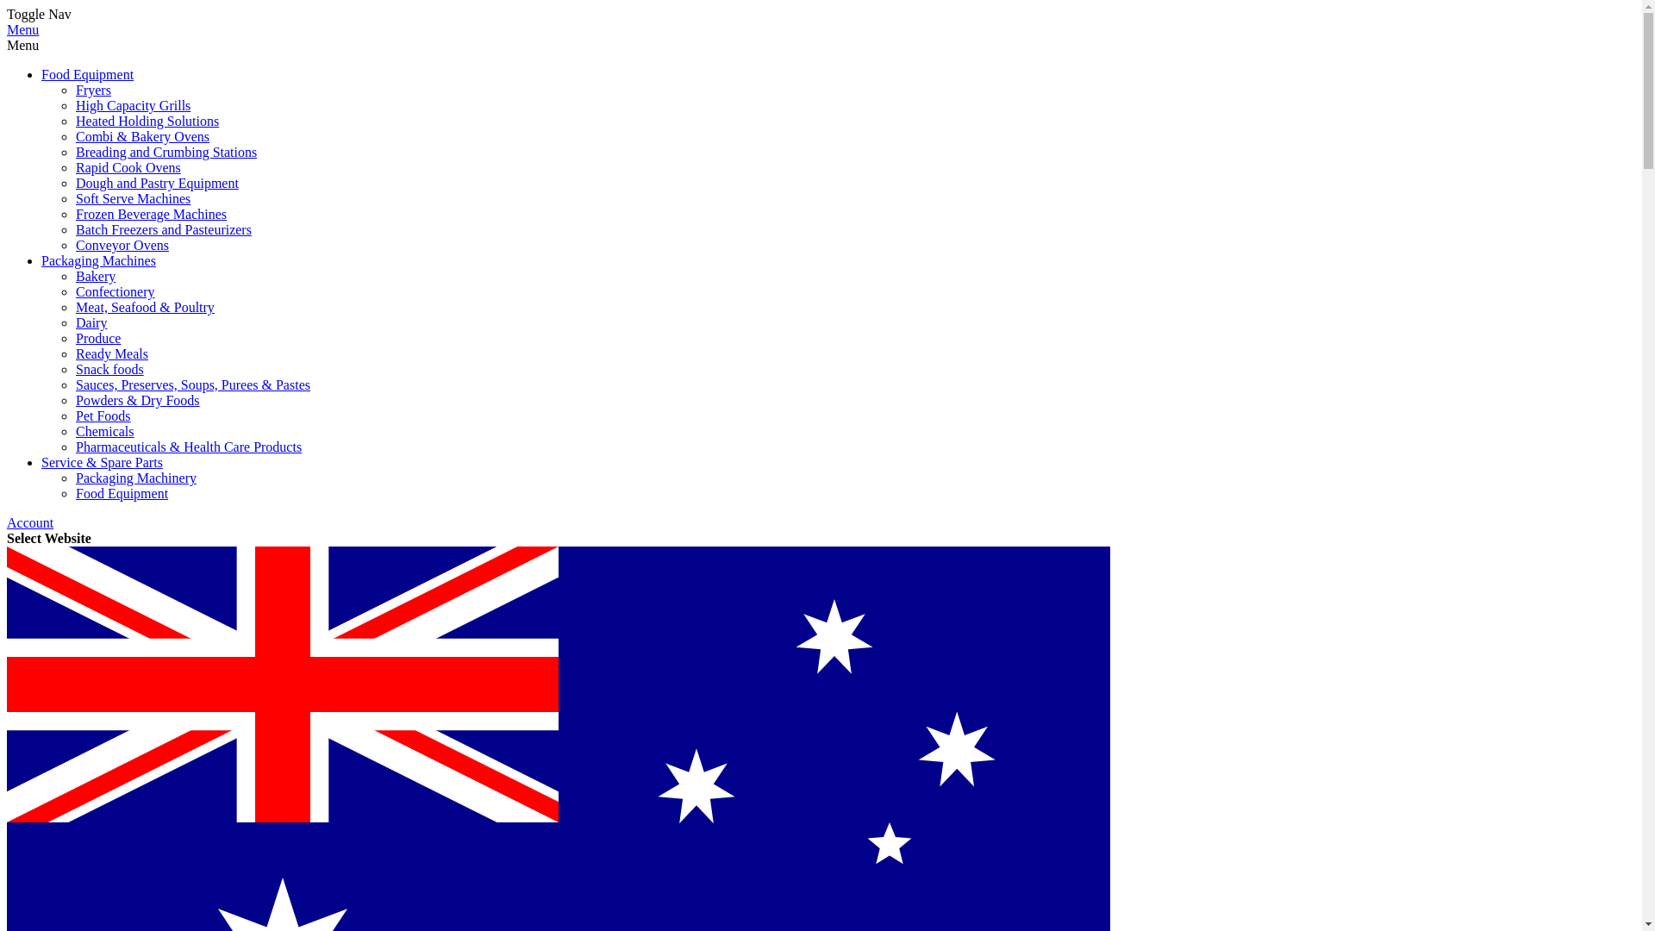  Describe the element at coordinates (122, 245) in the screenshot. I see `'Conveyor Ovens'` at that location.